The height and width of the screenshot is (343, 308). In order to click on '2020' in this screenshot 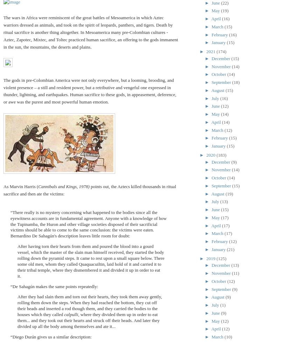, I will do `click(211, 155)`.